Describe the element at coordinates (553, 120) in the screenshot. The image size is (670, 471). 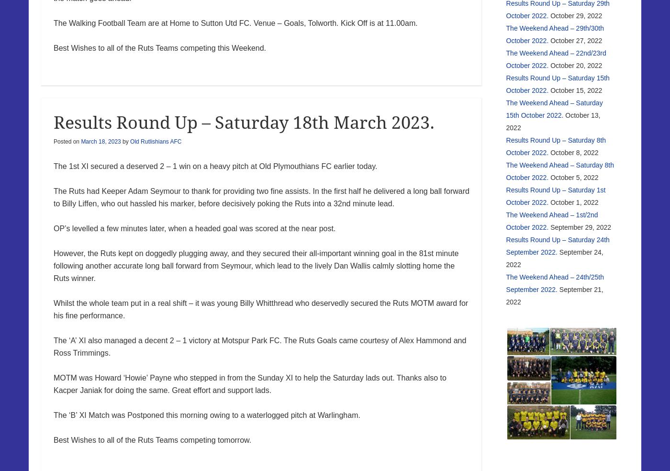
I see `'October 13, 2022'` at that location.